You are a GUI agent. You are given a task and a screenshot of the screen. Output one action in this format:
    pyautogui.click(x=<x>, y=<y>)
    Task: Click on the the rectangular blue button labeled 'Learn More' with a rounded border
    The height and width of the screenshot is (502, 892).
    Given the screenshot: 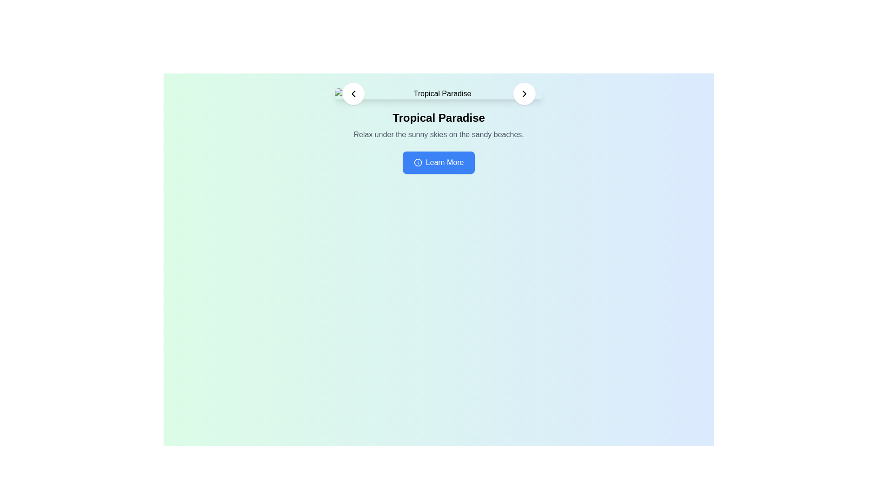 What is the action you would take?
    pyautogui.click(x=438, y=162)
    